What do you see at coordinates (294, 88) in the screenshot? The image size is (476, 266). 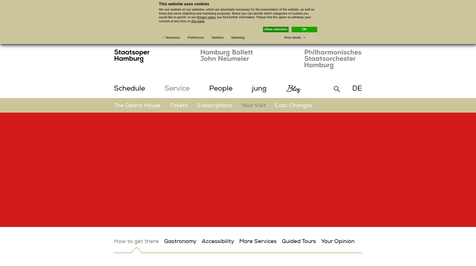 I see `'Blog'` at bounding box center [294, 88].